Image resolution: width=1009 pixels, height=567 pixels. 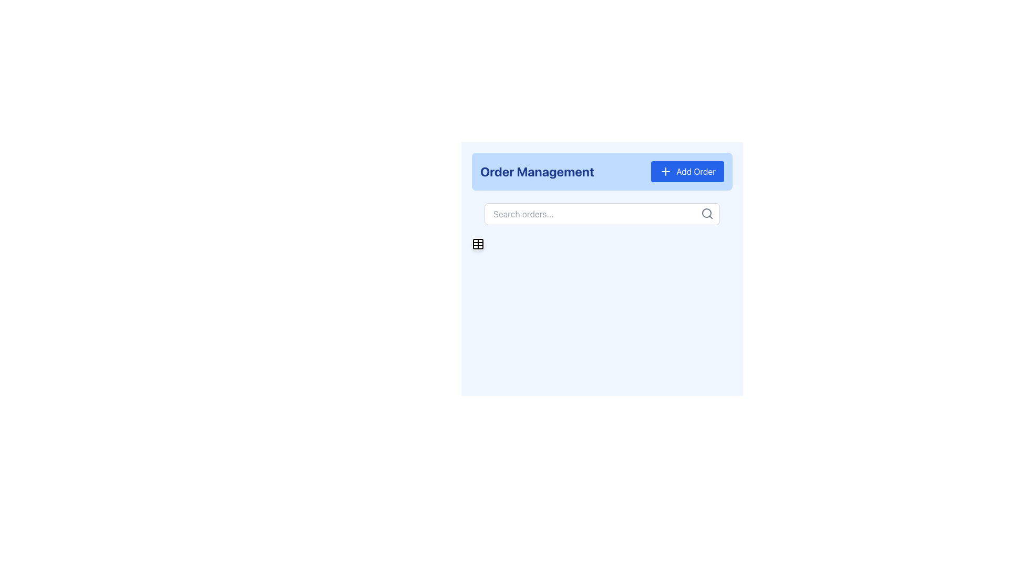 I want to click on the search icon represented by a gray magnifying glass shape located at the top-right corner of the search bar, adjacent to the 'Search orders...' input field, so click(x=707, y=213).